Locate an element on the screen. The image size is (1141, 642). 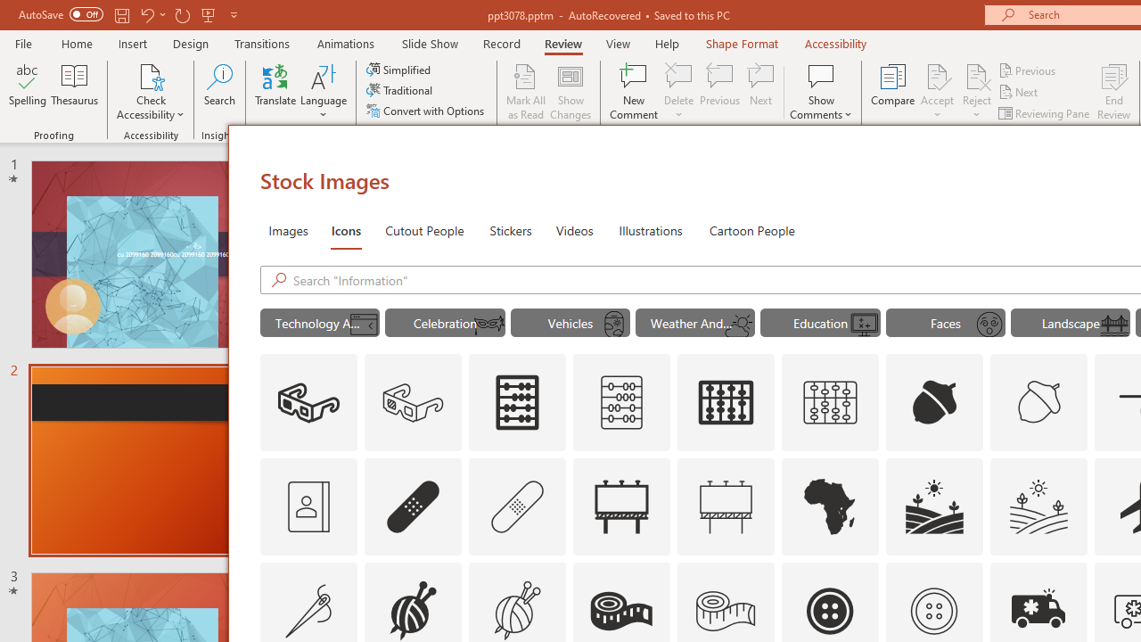
'AutomationID: Icons_PartialSun_M' is located at coordinates (739, 325).